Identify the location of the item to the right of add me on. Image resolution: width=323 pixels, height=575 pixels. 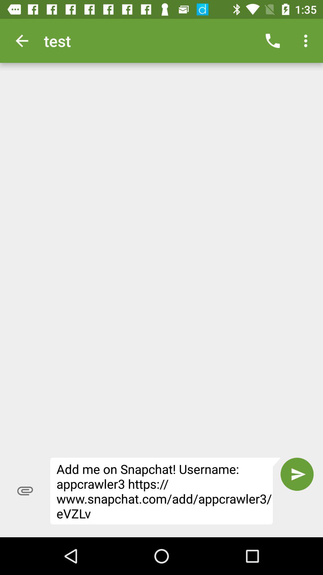
(297, 474).